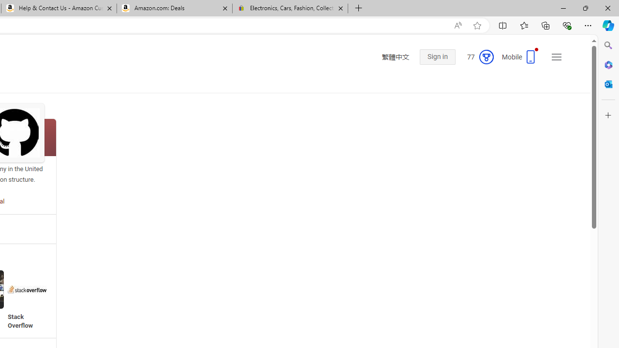 This screenshot has width=619, height=348. Describe the element at coordinates (27, 289) in the screenshot. I see `'Stack Overflow'` at that location.